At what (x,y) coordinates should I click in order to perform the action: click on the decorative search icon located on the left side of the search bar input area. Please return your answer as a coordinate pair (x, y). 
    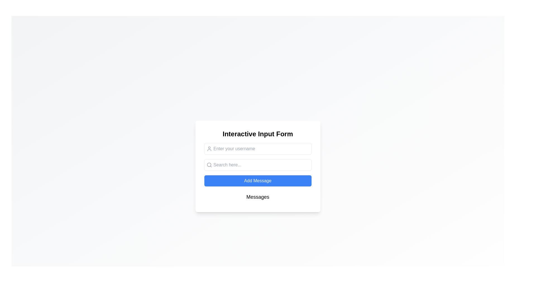
    Looking at the image, I should click on (209, 164).